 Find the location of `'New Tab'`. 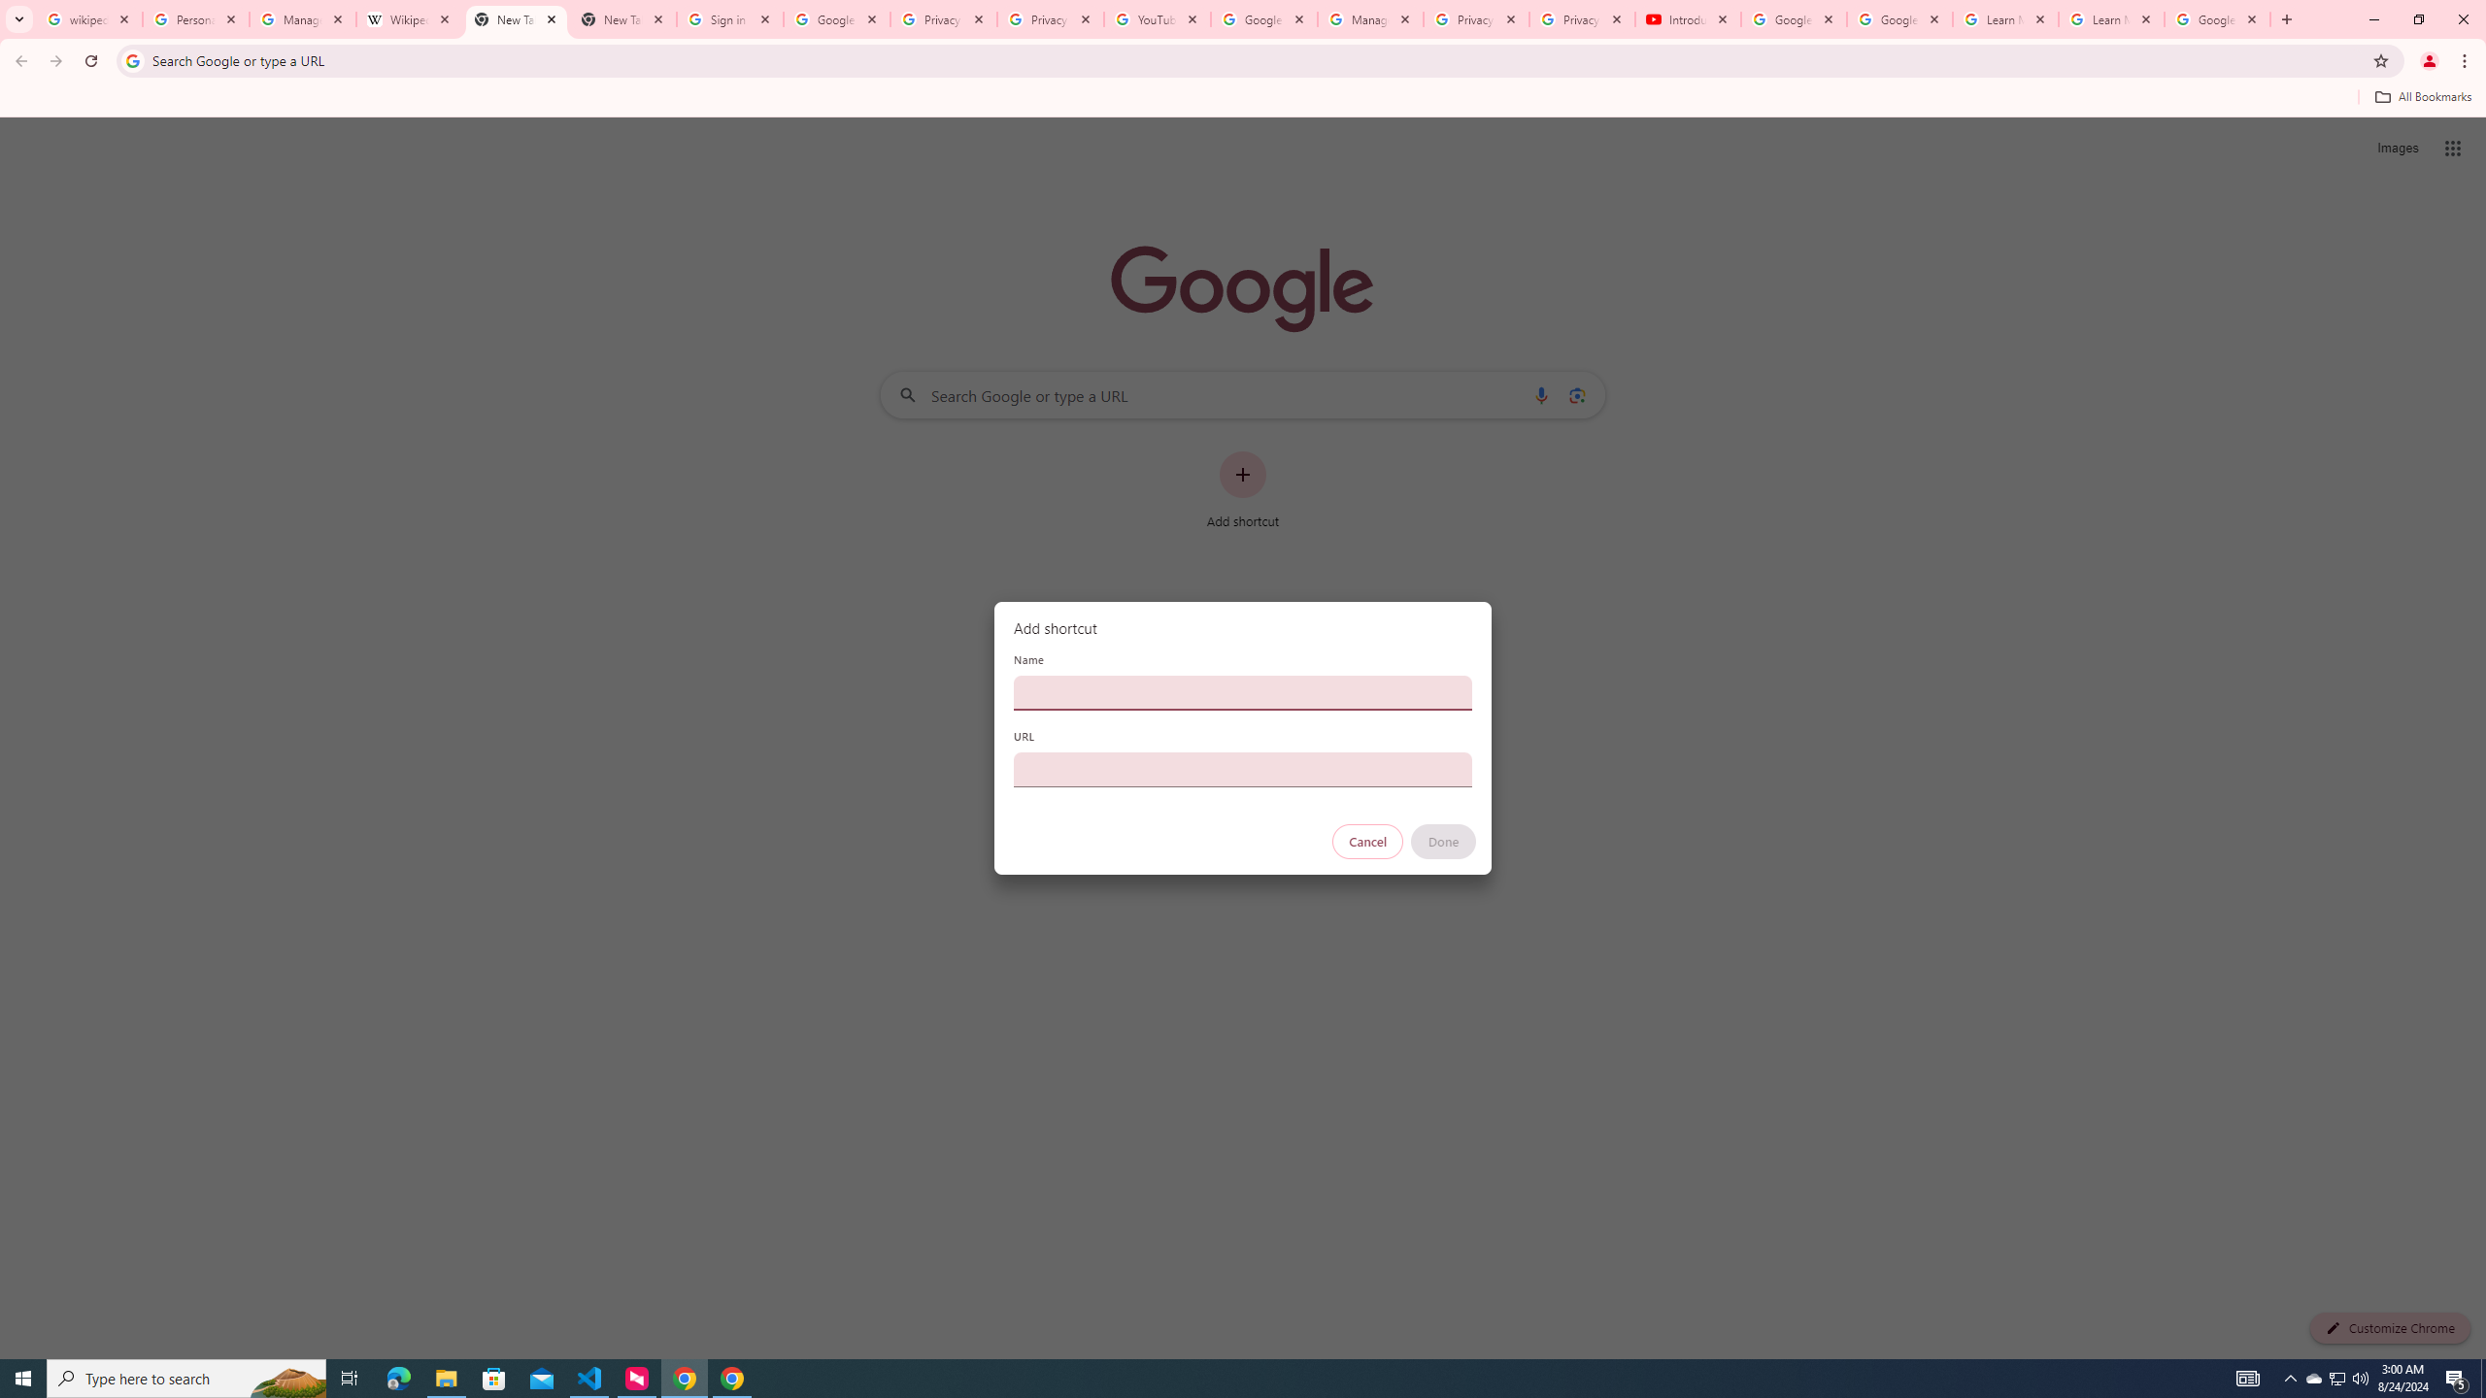

'New Tab' is located at coordinates (622, 18).